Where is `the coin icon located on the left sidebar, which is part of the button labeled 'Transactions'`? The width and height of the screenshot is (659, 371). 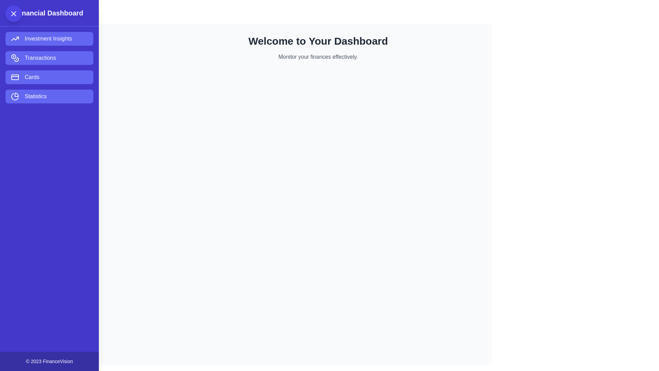
the coin icon located on the left sidebar, which is part of the button labeled 'Transactions' is located at coordinates (15, 58).